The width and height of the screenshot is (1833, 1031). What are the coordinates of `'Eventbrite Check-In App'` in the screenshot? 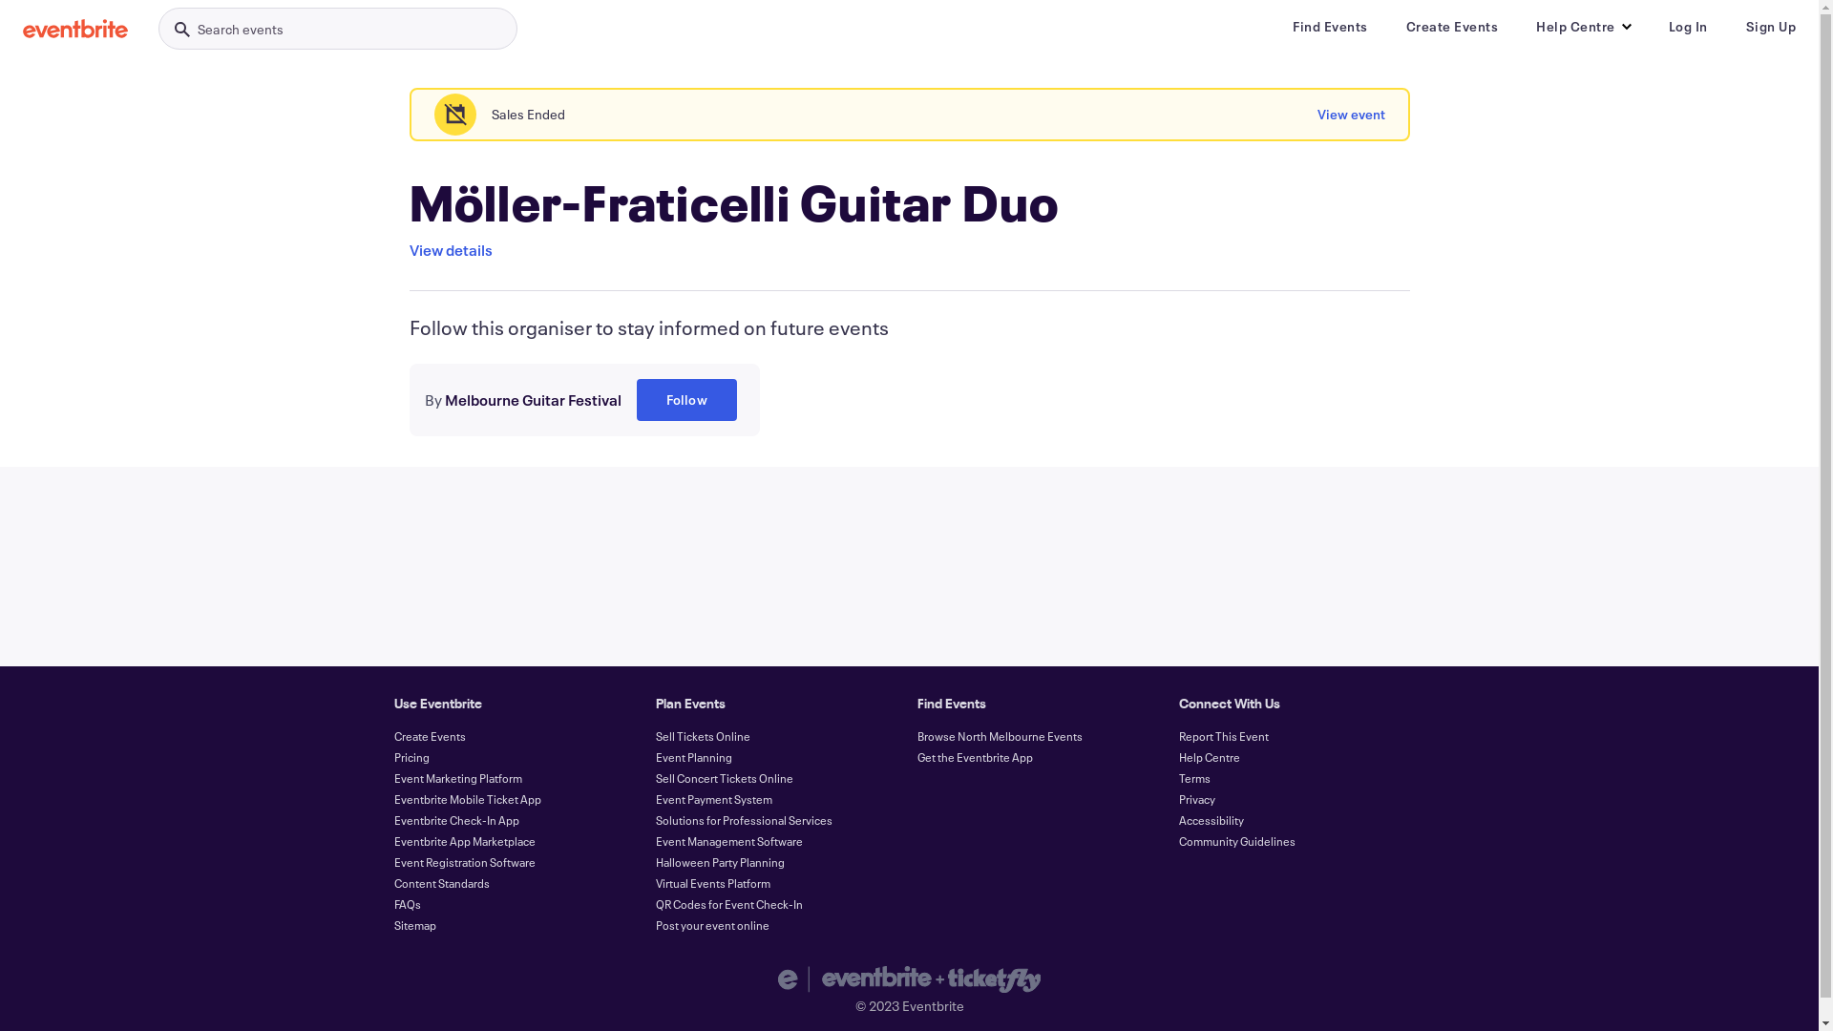 It's located at (454, 819).